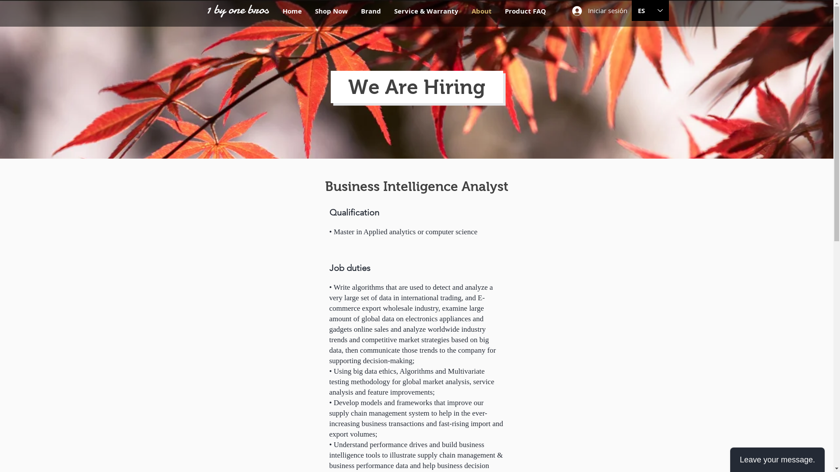 The height and width of the screenshot is (472, 840). I want to click on 'Brand', so click(371, 11).